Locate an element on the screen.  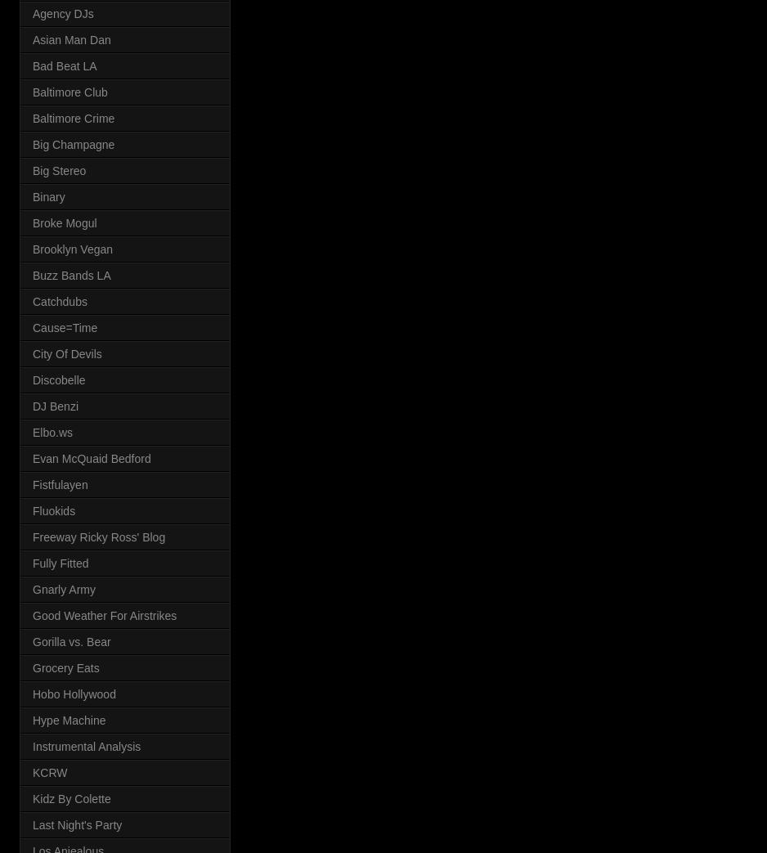
'Freeway Ricky Ross' Blog' is located at coordinates (98, 536).